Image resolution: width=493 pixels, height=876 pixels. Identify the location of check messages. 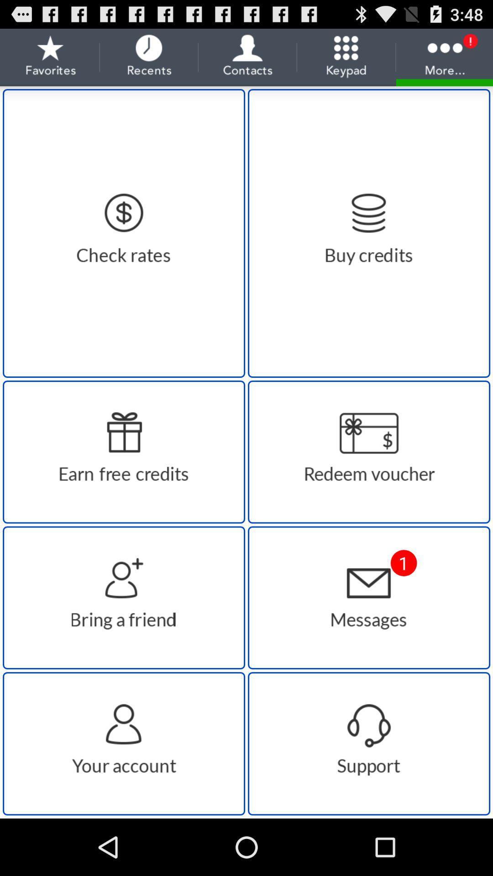
(368, 598).